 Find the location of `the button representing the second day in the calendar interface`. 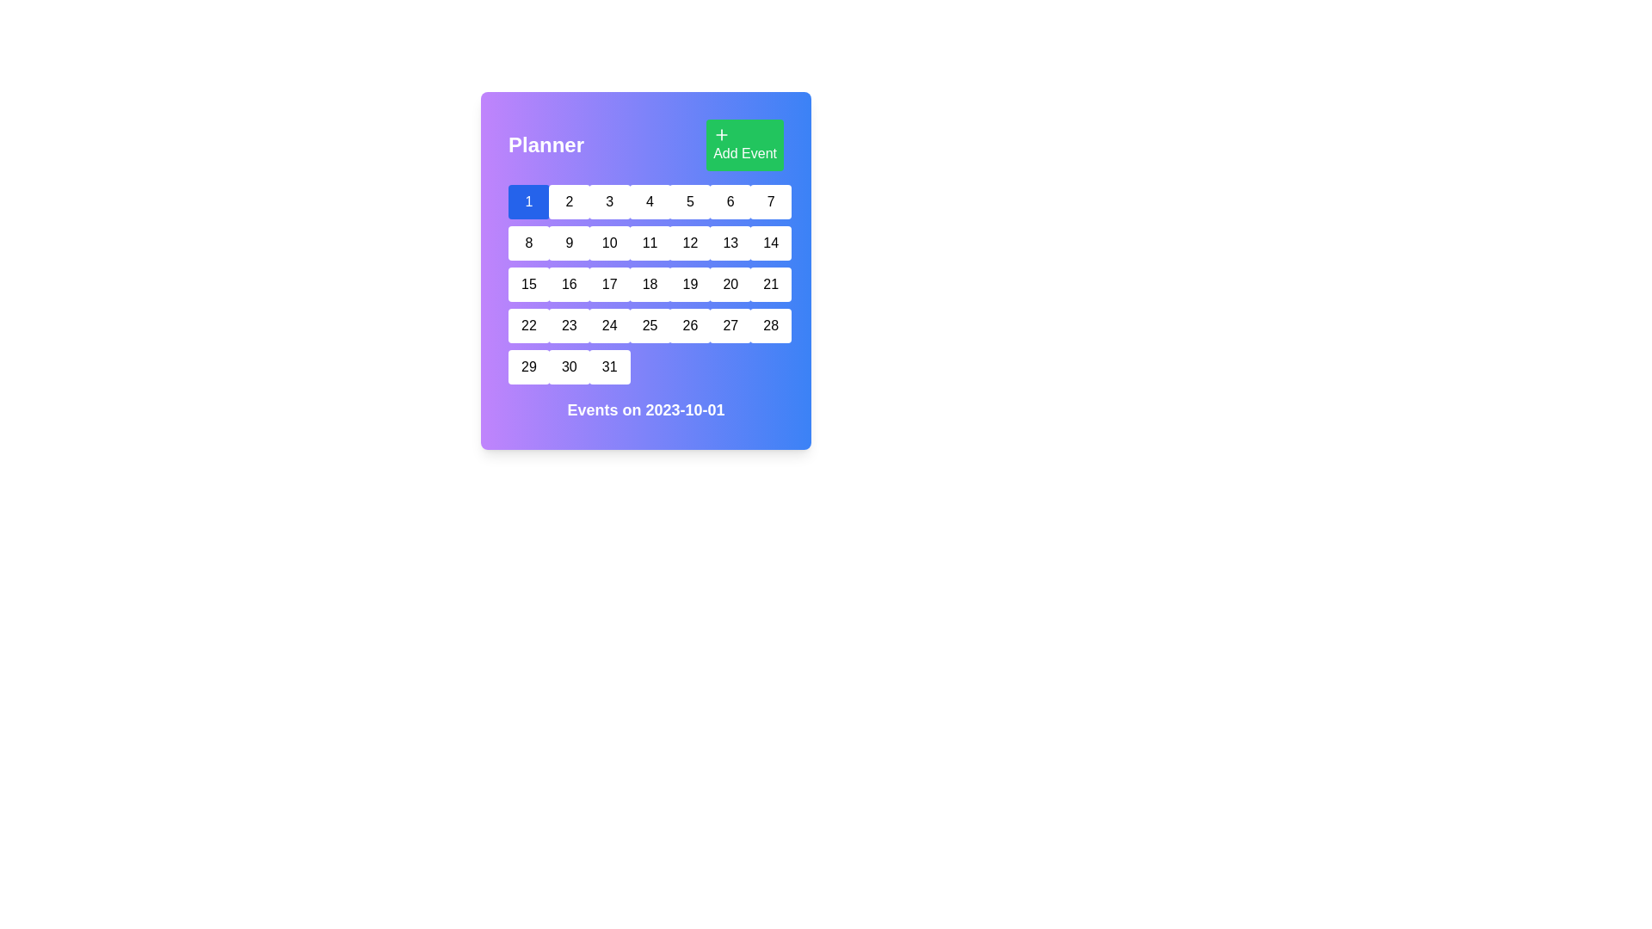

the button representing the second day in the calendar interface is located at coordinates (569, 201).